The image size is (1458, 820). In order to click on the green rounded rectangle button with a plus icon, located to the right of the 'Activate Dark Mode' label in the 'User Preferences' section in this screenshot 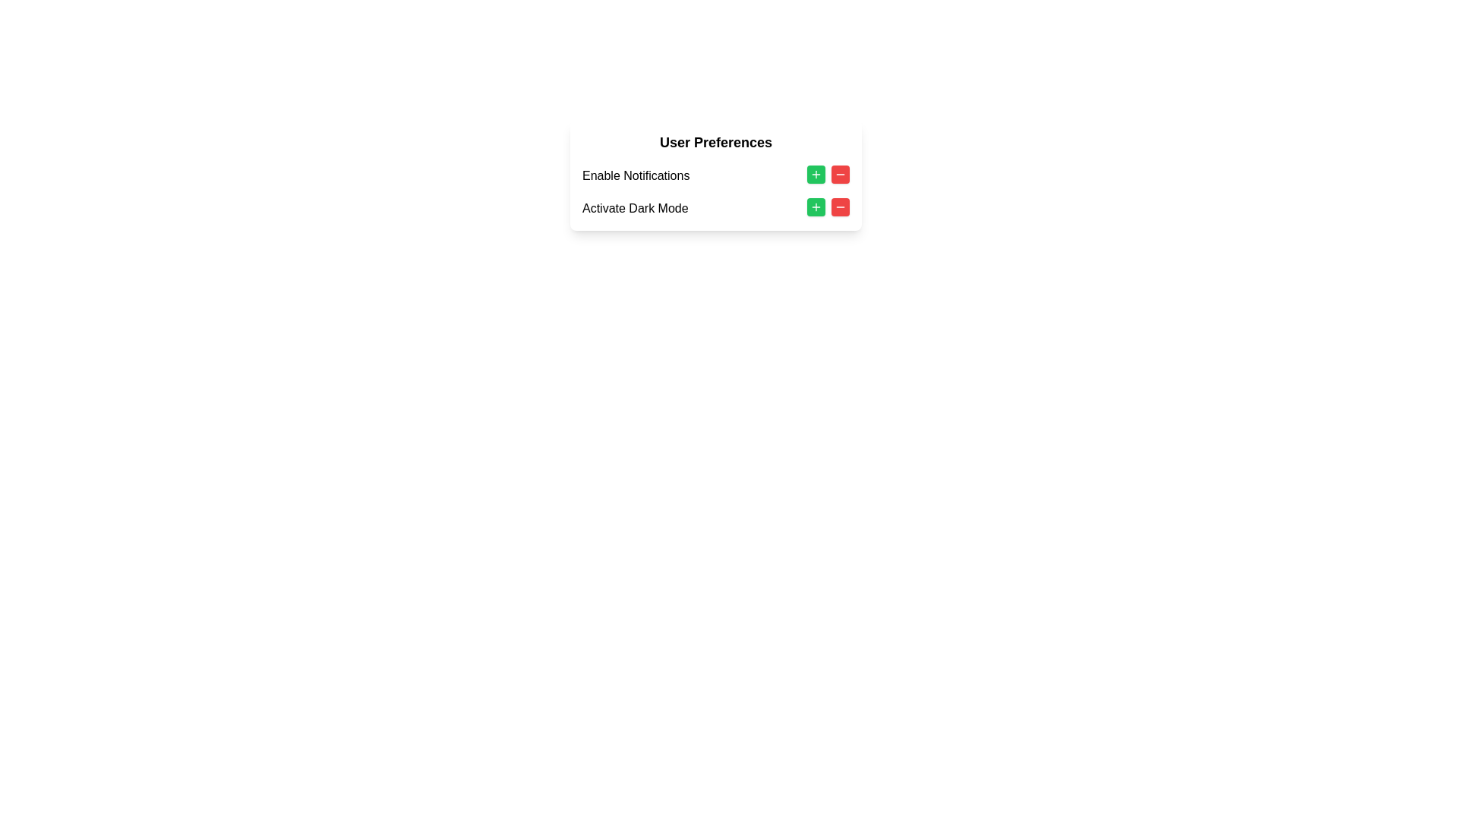, I will do `click(816, 174)`.